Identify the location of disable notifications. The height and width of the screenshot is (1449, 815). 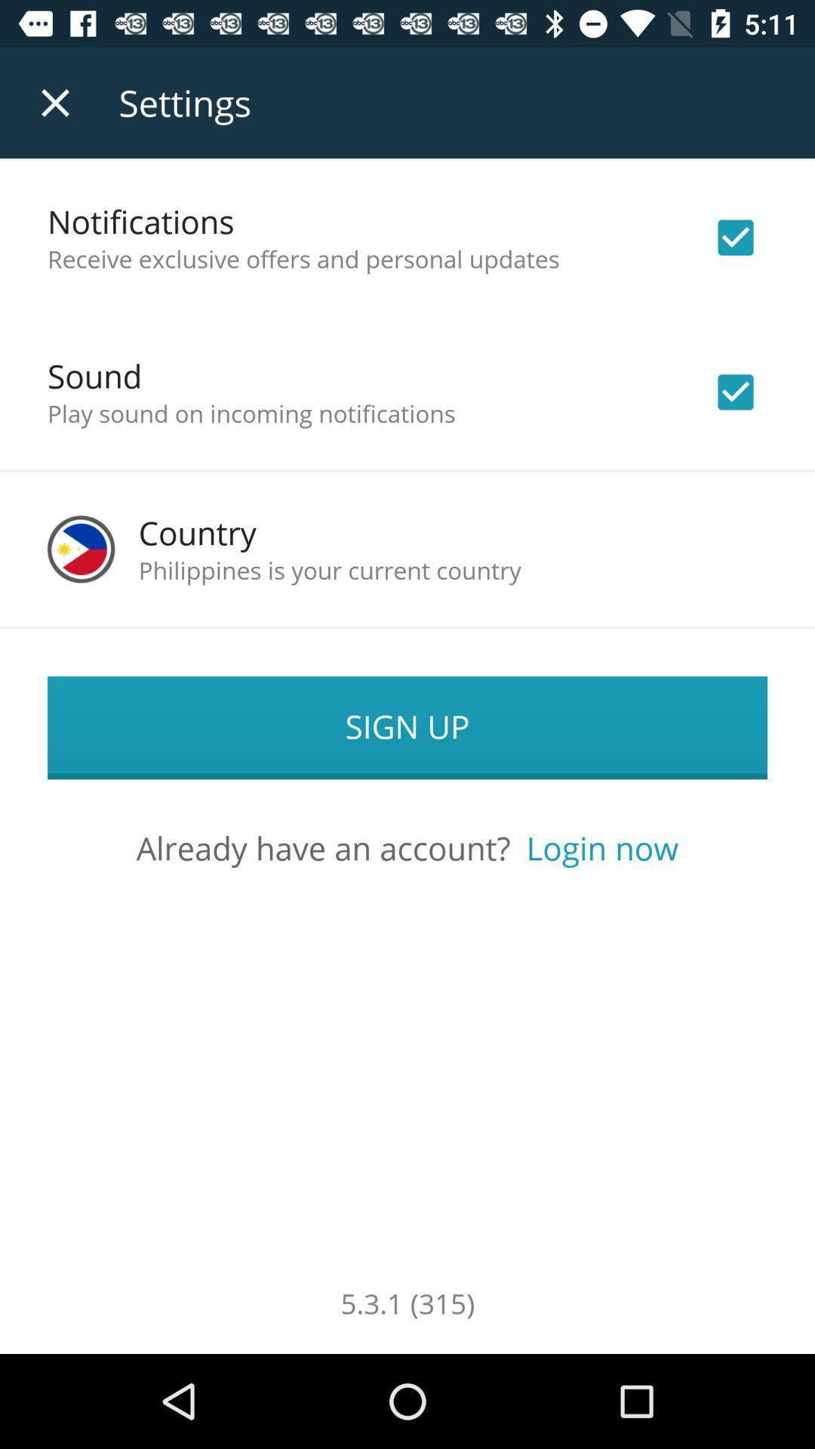
(735, 237).